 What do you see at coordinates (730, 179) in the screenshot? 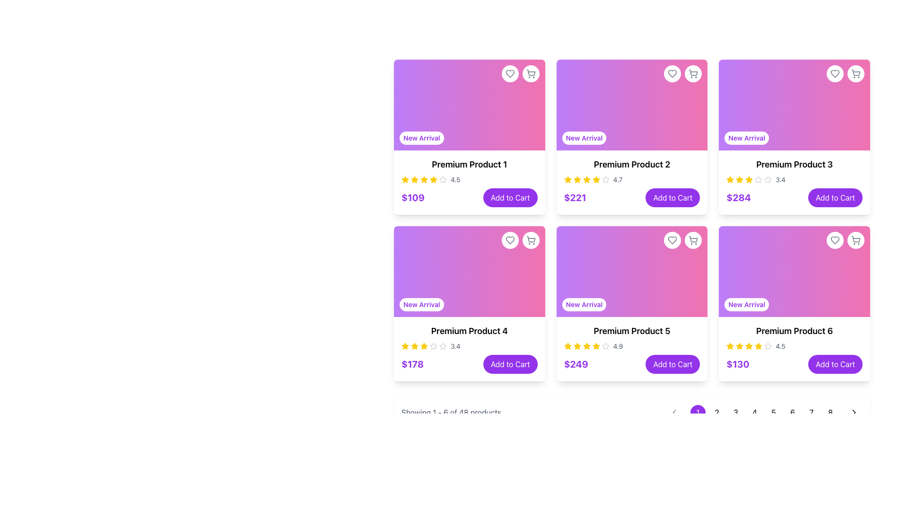
I see `the filled star icon representing the rating value for the third product card located in the first row and third column of the grid layout` at bounding box center [730, 179].